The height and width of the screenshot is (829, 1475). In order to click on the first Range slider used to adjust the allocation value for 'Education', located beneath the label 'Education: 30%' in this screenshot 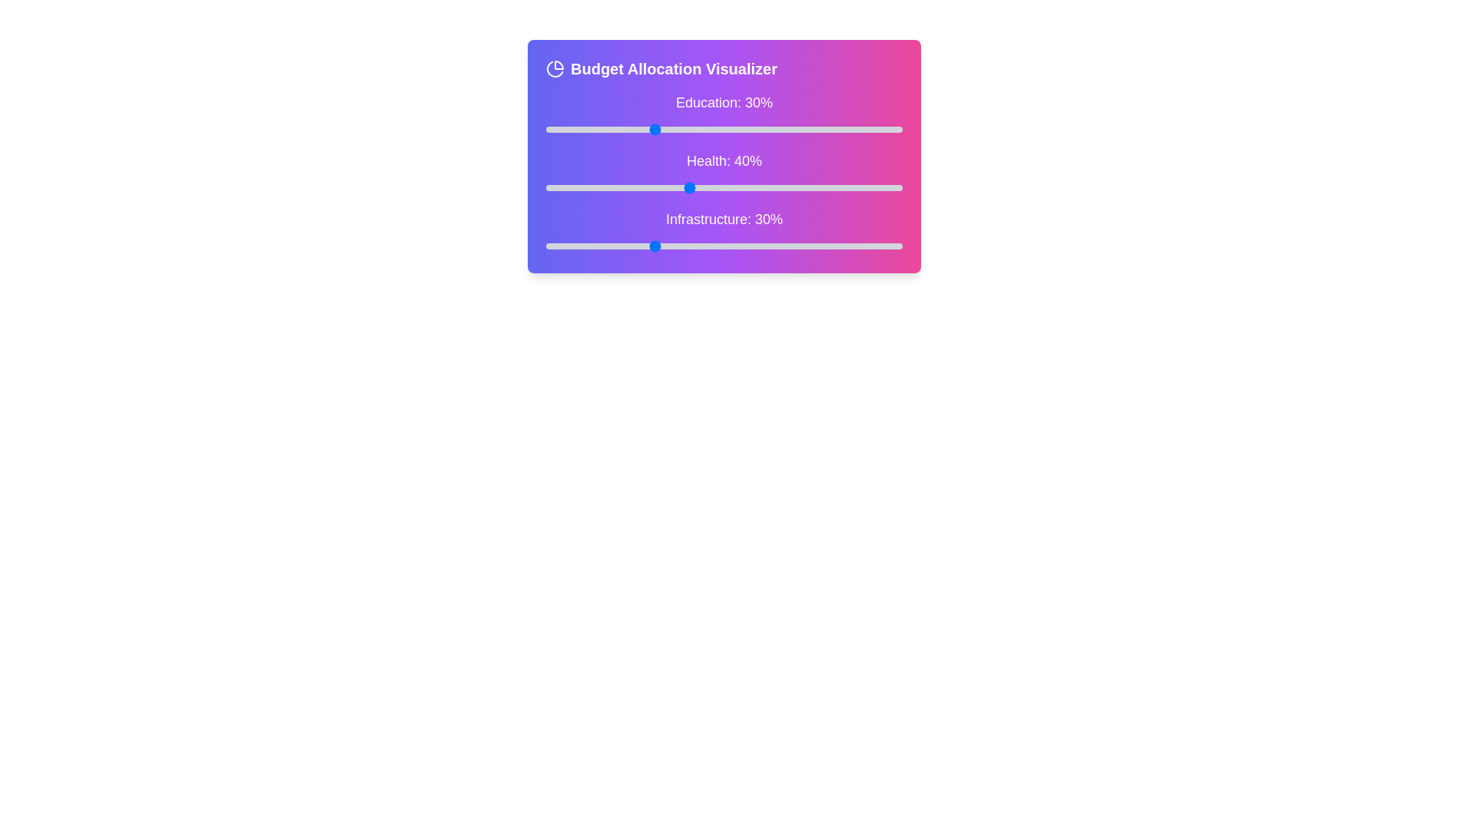, I will do `click(723, 129)`.